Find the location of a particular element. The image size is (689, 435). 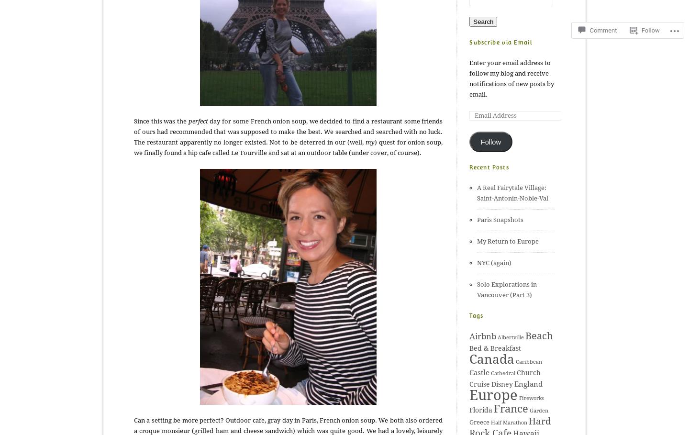

'perfect' is located at coordinates (197, 121).